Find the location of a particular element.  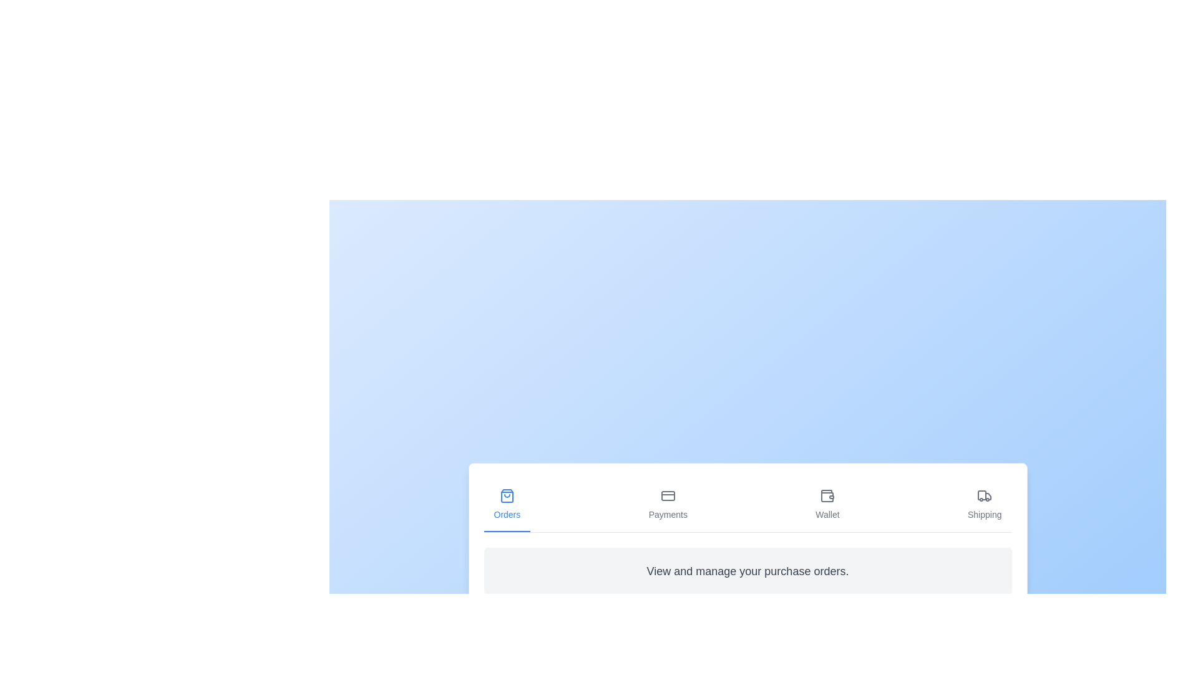

the navigation button with icon and label that leads to the 'Wallet' section, located between 'Payments' and 'Shipping' in the horizontal navigation bar is located at coordinates (827, 505).